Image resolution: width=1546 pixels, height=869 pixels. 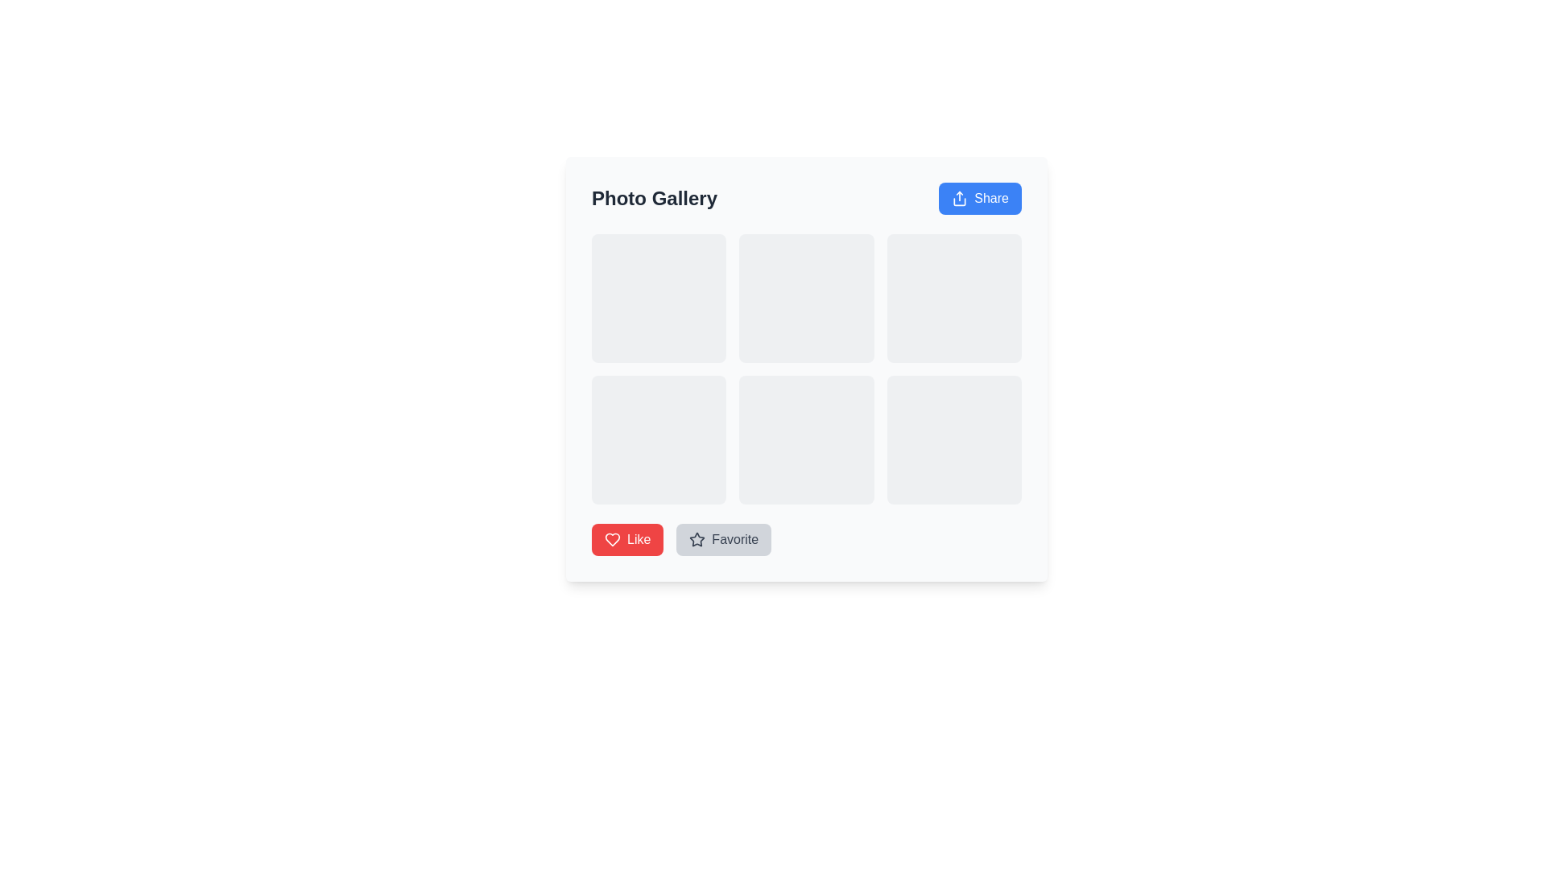 I want to click on the heart icon within the red 'Like' button, so click(x=612, y=540).